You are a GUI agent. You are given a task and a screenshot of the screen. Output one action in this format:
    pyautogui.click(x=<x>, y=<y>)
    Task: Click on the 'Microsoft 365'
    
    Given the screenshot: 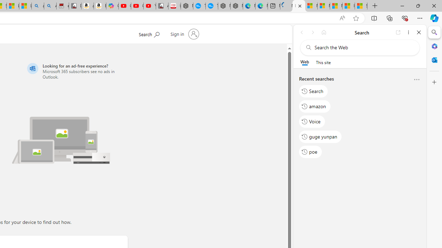 What is the action you would take?
    pyautogui.click(x=434, y=46)
    